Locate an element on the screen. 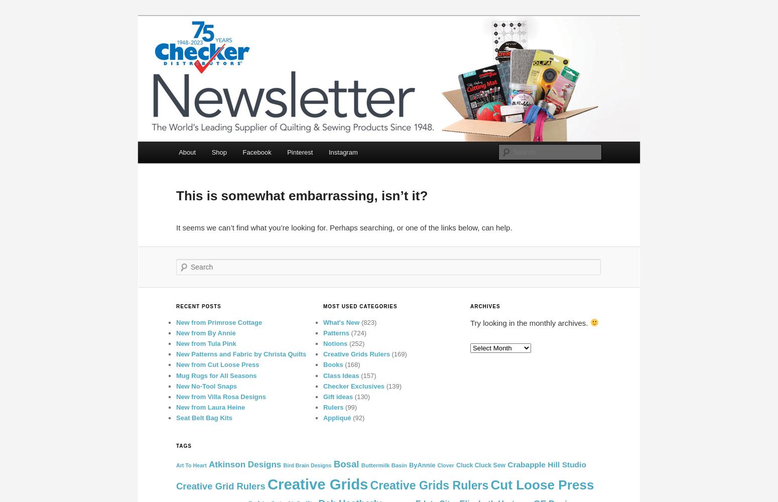 The image size is (778, 502). '(724)' is located at coordinates (357, 333).